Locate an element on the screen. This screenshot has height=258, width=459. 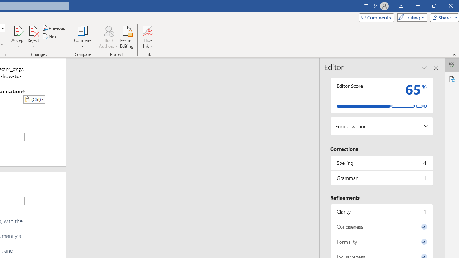
'Next' is located at coordinates (50, 36).